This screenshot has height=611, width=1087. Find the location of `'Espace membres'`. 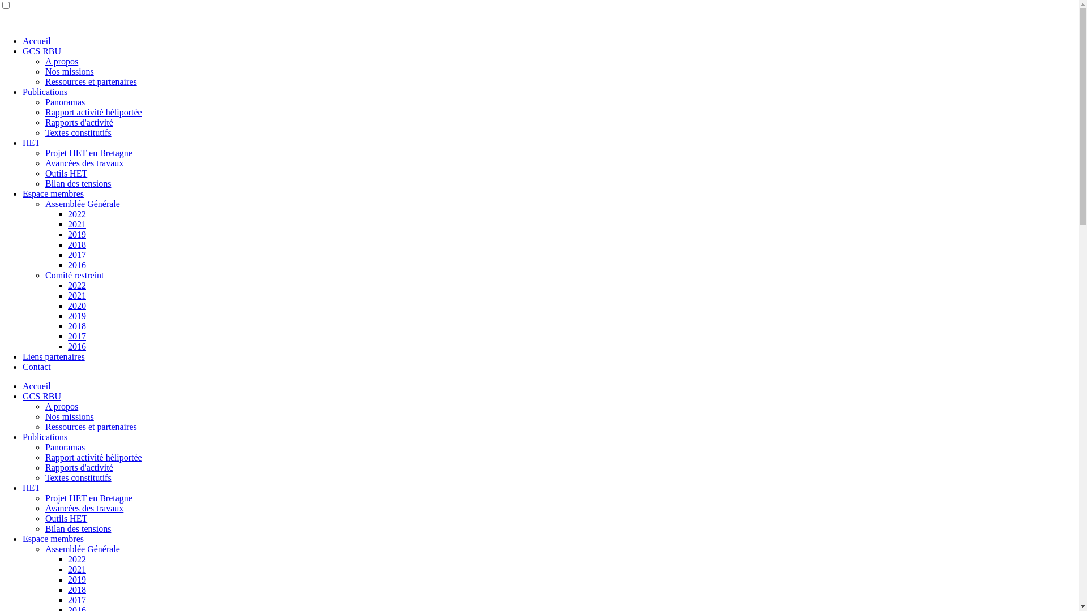

'Espace membres' is located at coordinates (22, 538).